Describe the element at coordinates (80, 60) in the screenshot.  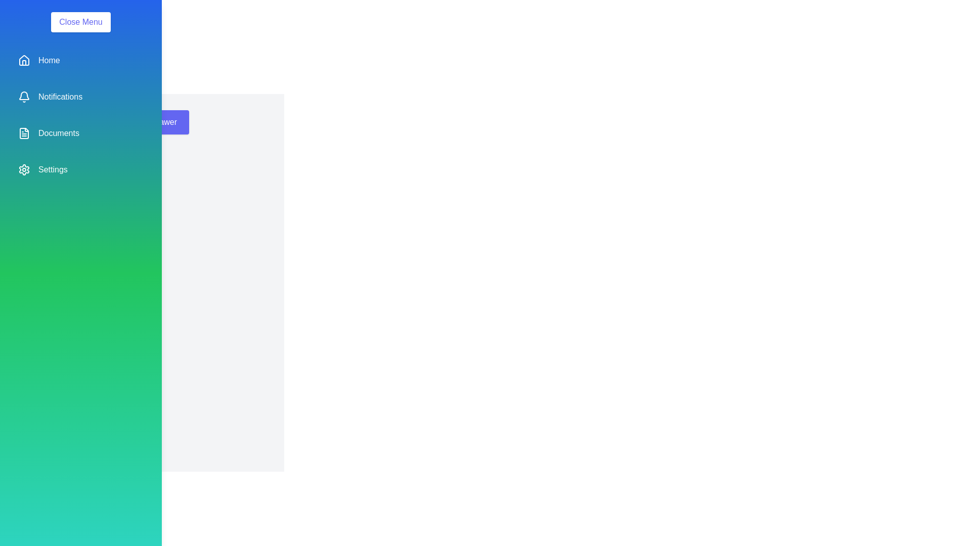
I see `the menu item Home from the list` at that location.